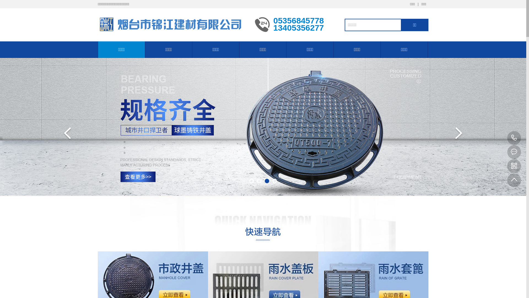 The width and height of the screenshot is (529, 298). What do you see at coordinates (514, 138) in the screenshot?
I see `'05356845778'` at bounding box center [514, 138].